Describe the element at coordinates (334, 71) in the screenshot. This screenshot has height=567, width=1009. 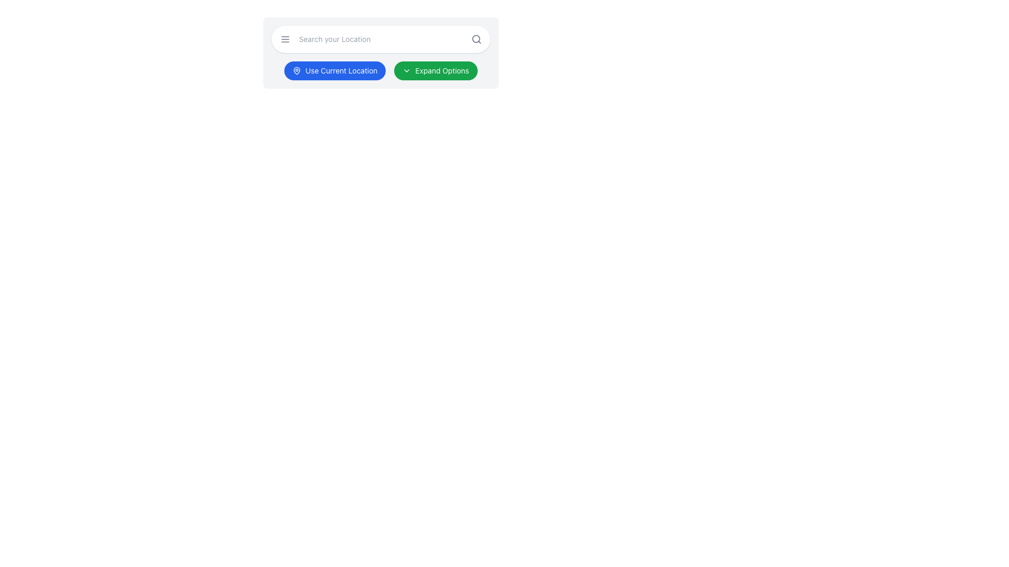
I see `the blue button labeled 'Use Current Location' with a location pin icon` at that location.